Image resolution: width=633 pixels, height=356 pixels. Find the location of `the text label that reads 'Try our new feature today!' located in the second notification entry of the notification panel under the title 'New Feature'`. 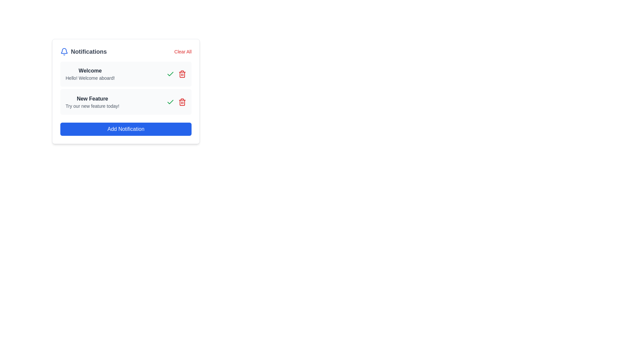

the text label that reads 'Try our new feature today!' located in the second notification entry of the notification panel under the title 'New Feature' is located at coordinates (92, 105).